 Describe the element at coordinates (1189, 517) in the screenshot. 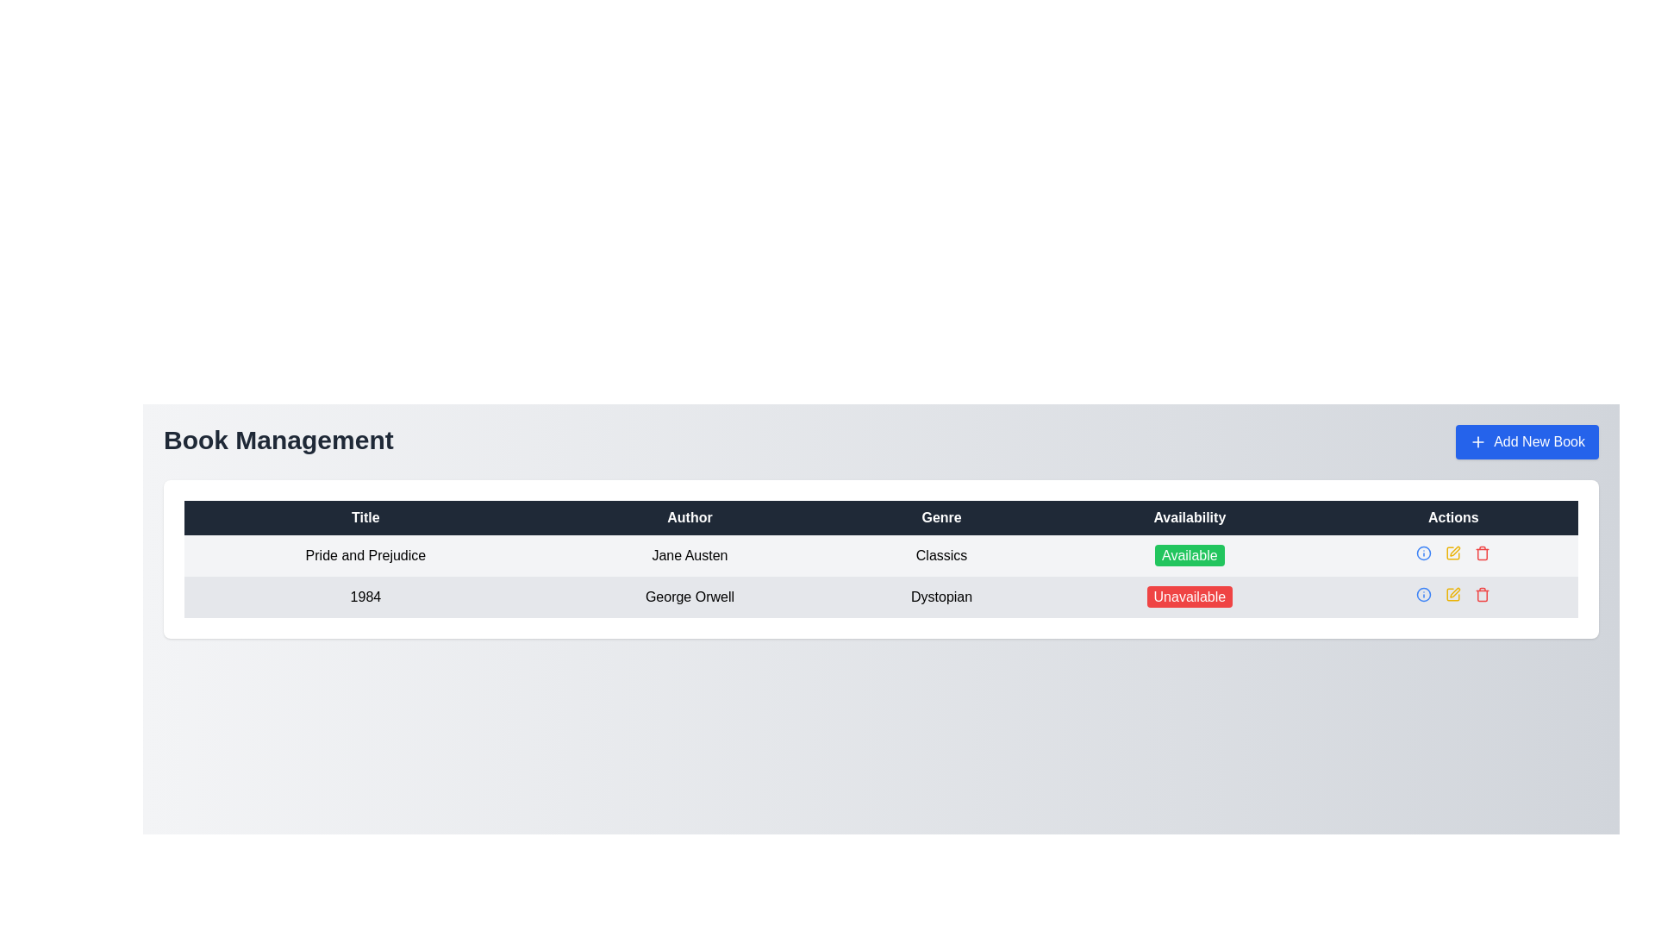

I see `the 'Availability' text label, which is the fourth column header in the table, displayed in white text on a dark background` at that location.